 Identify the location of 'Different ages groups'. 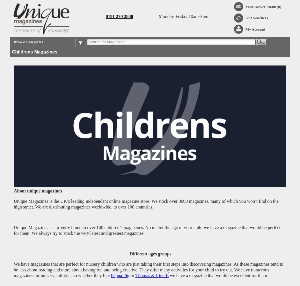
(150, 253).